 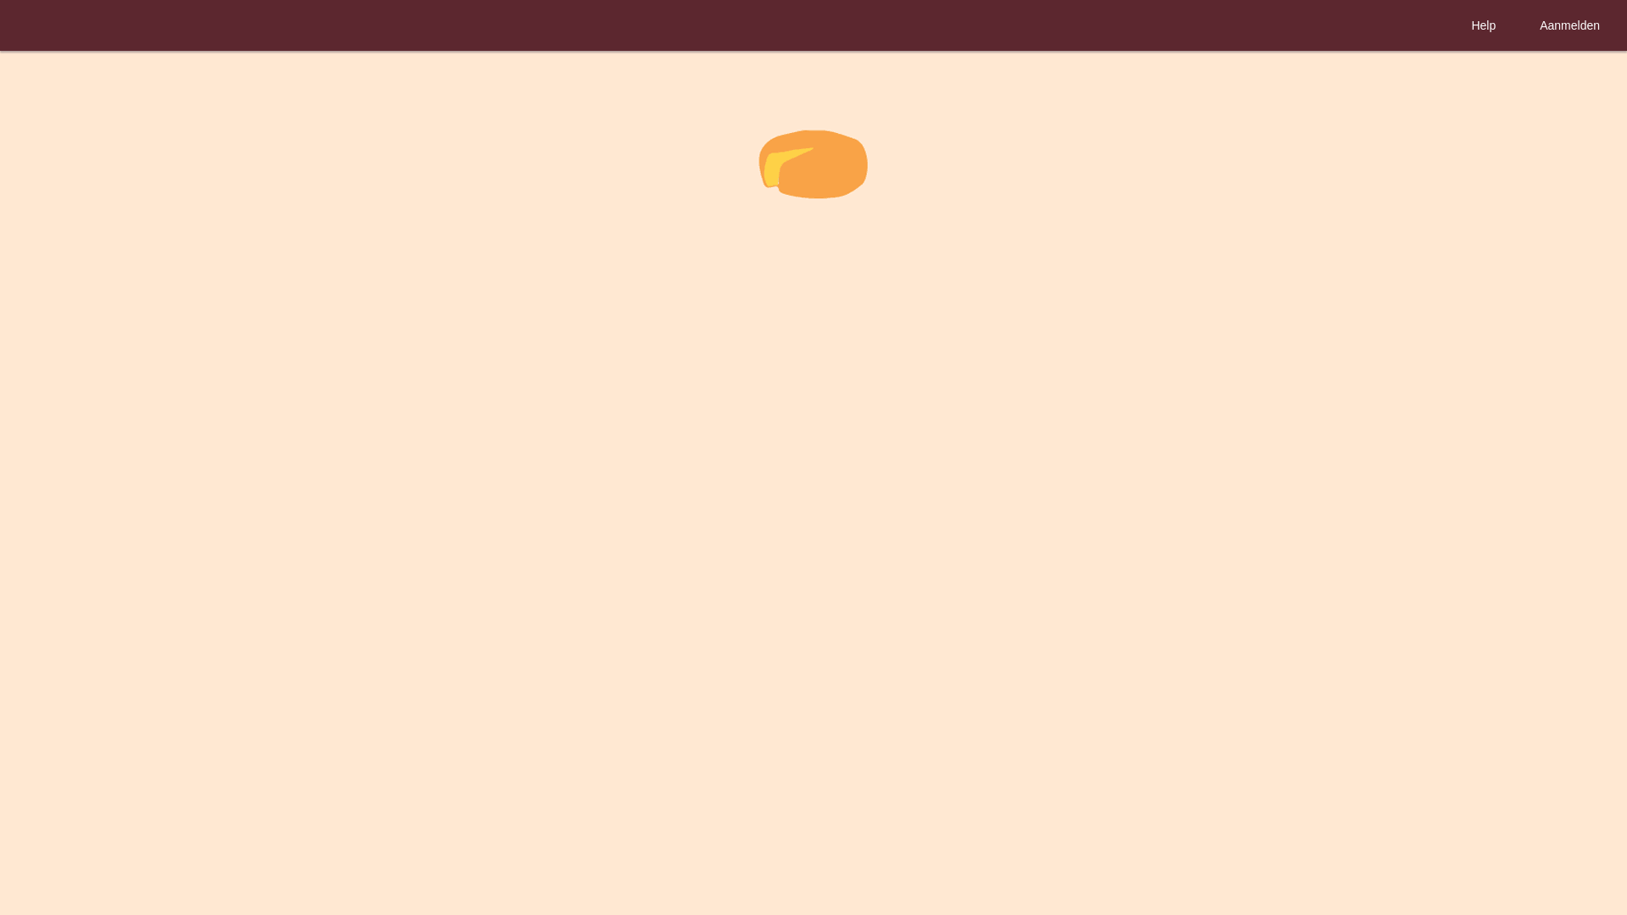 I want to click on 'Aanmelden', so click(x=1569, y=25).